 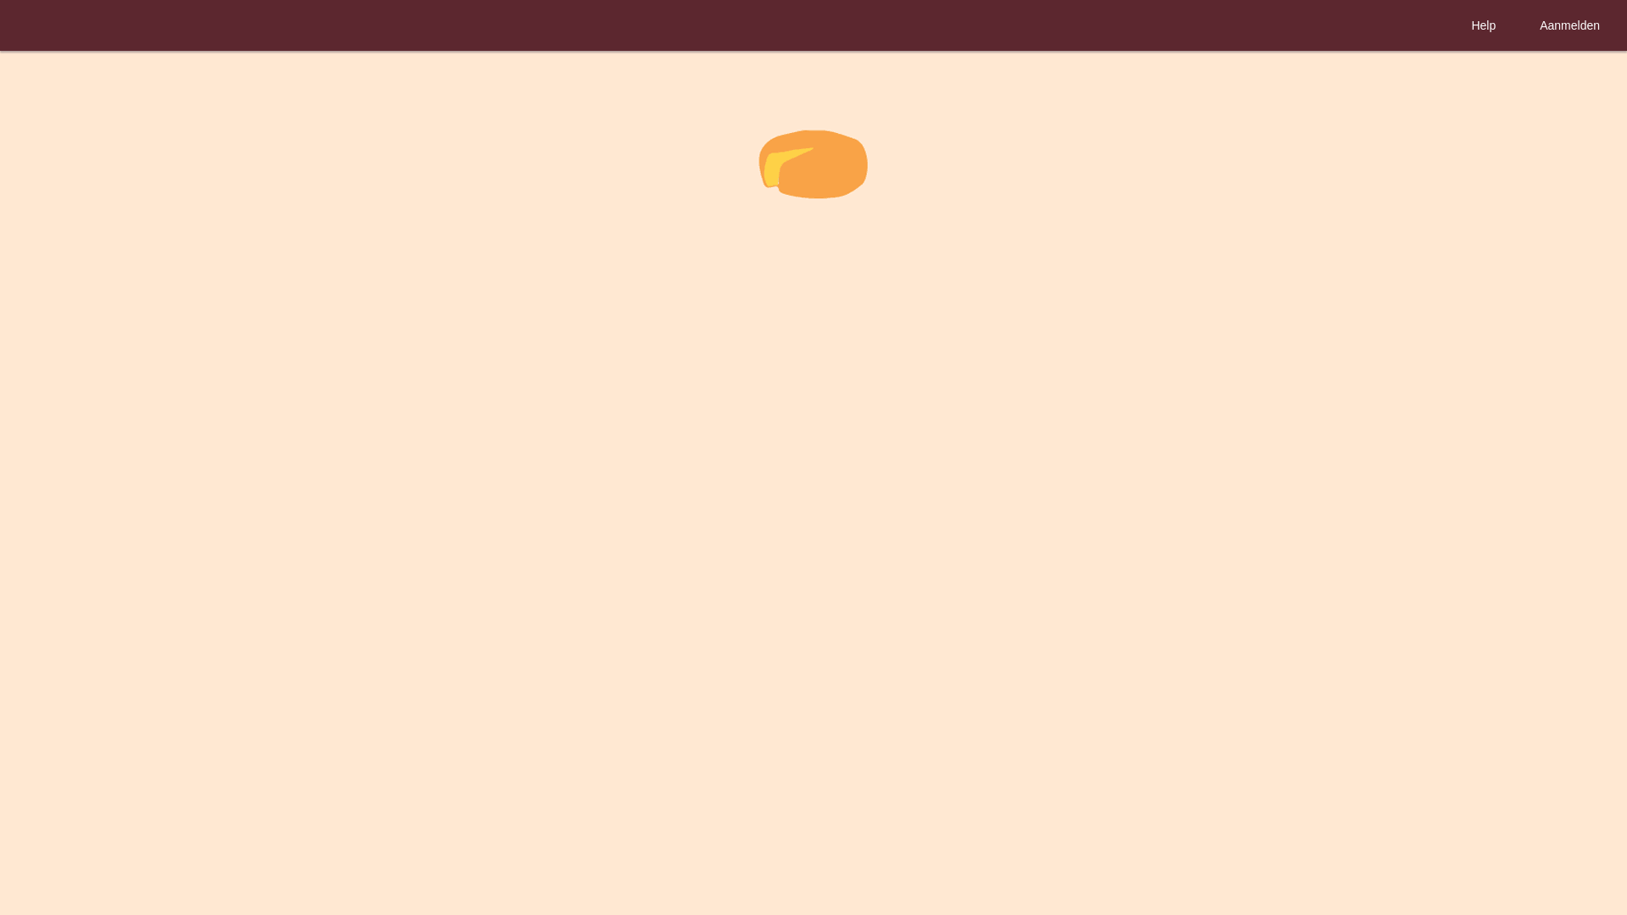 I want to click on 'Aanmelden', so click(x=1569, y=25).